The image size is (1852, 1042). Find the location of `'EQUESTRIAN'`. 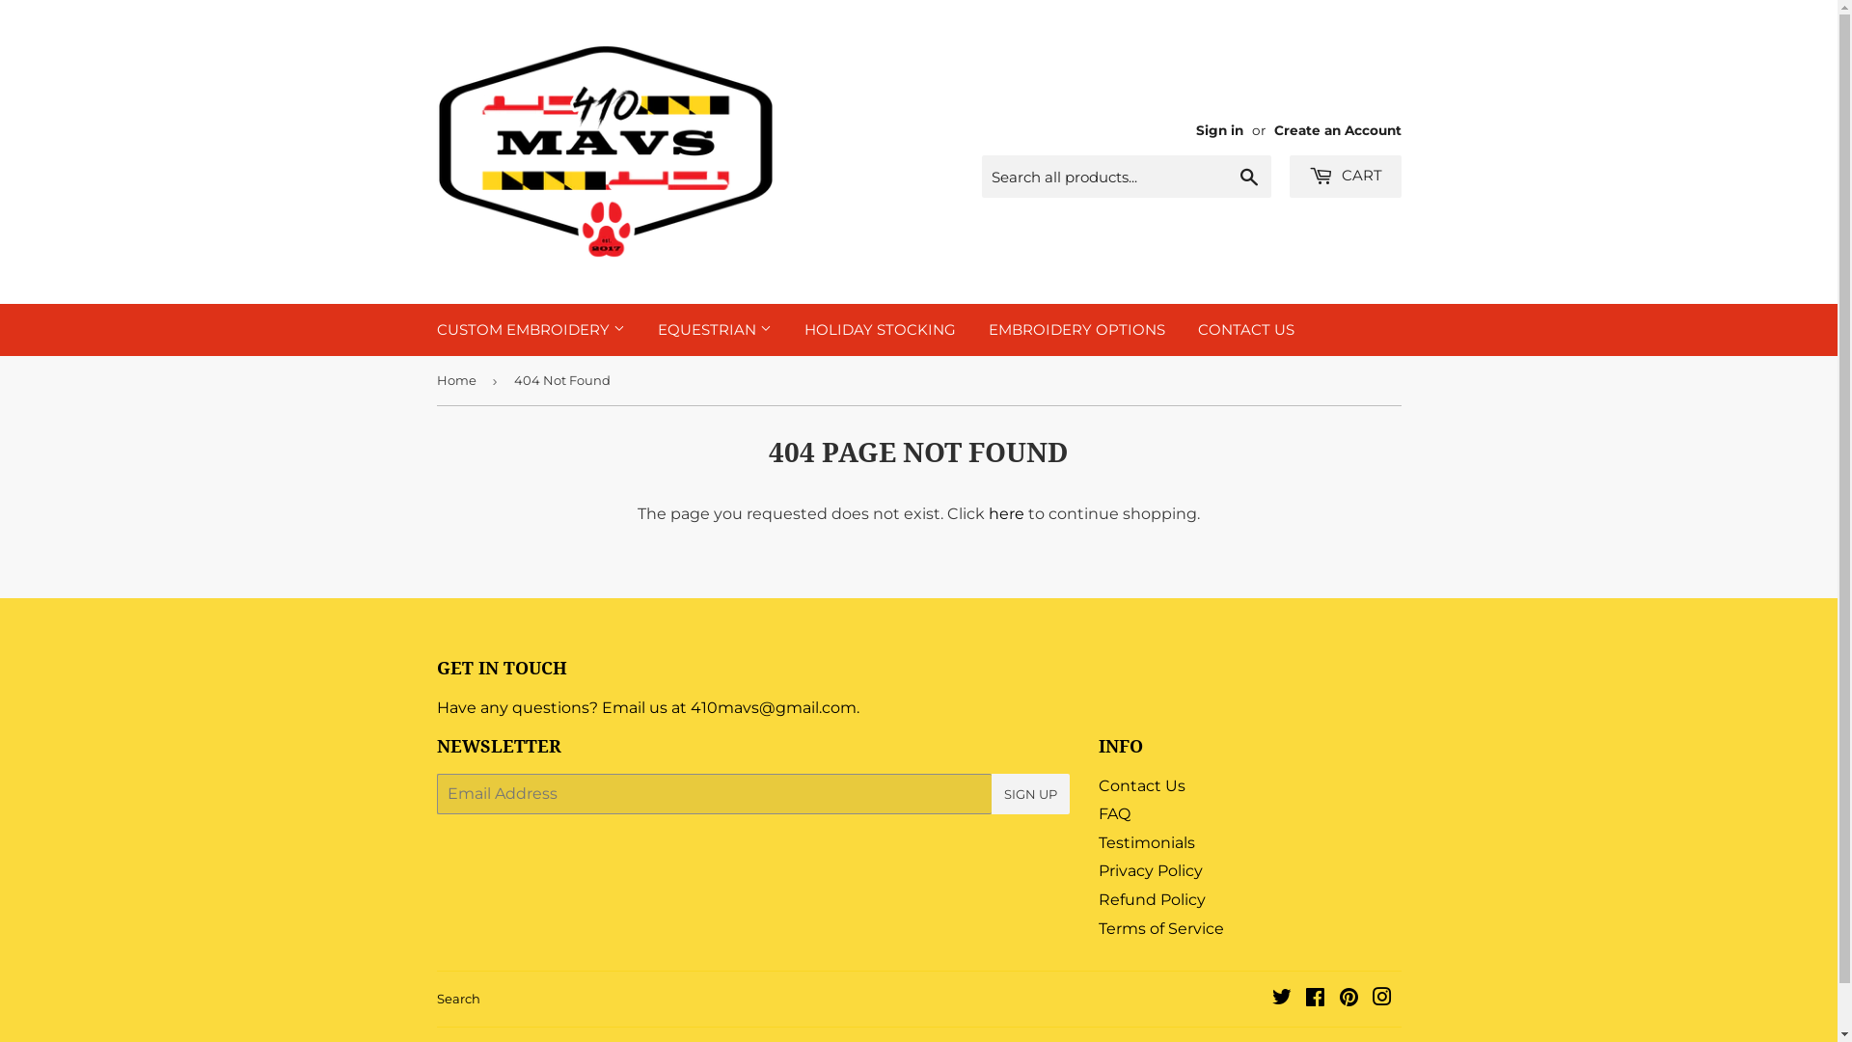

'EQUESTRIAN' is located at coordinates (712, 329).